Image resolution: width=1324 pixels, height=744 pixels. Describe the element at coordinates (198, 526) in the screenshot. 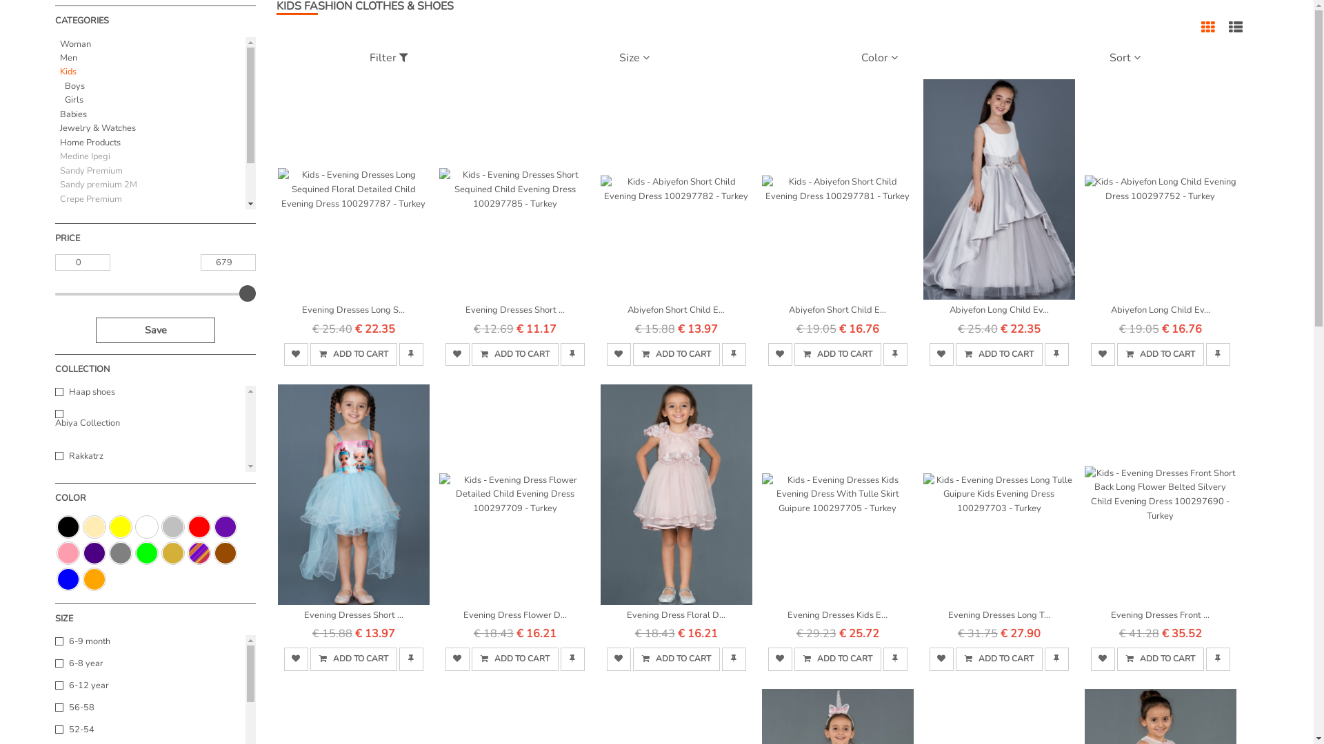

I see `'Red'` at that location.